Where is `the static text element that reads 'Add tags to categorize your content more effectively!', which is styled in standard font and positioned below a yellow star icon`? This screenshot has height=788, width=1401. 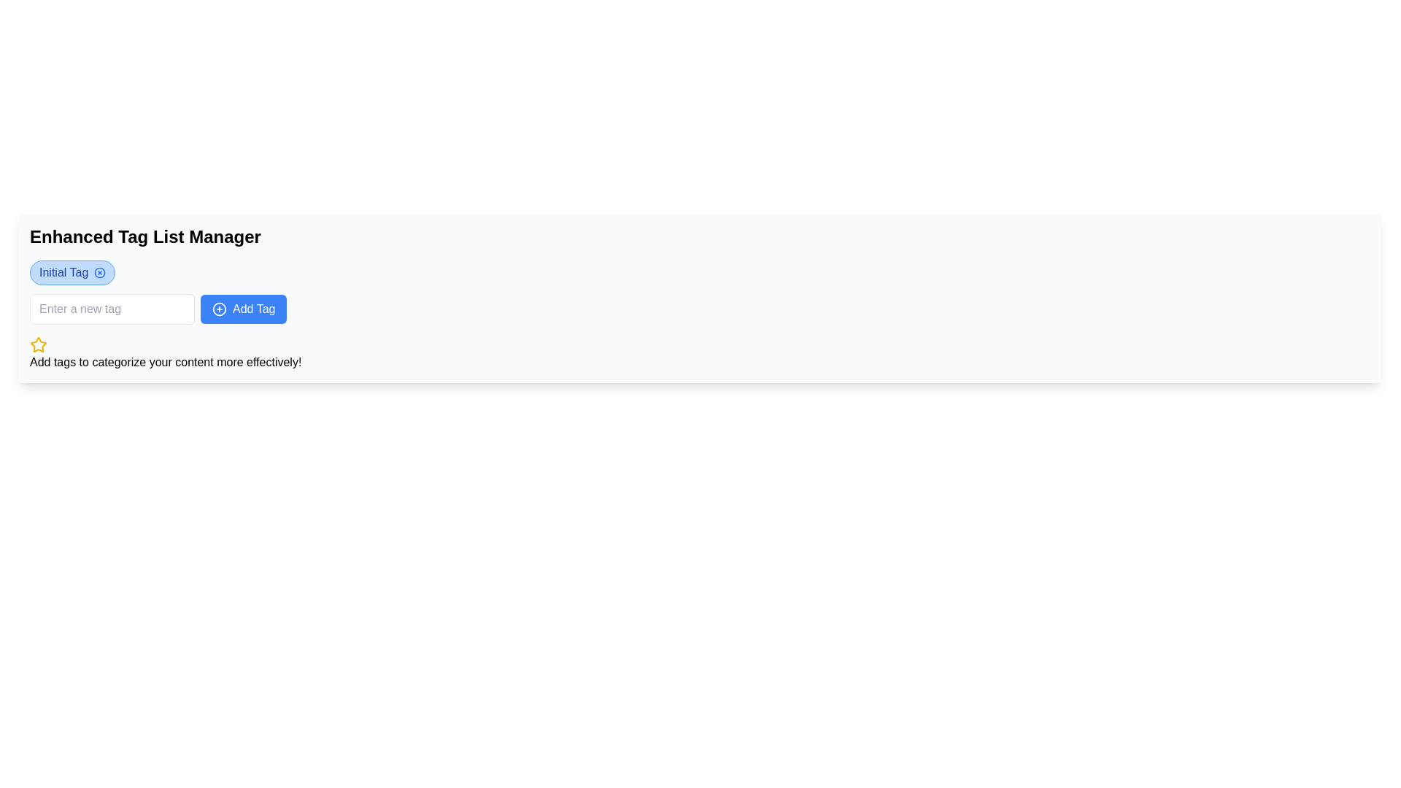 the static text element that reads 'Add tags to categorize your content more effectively!', which is styled in standard font and positioned below a yellow star icon is located at coordinates (166, 361).